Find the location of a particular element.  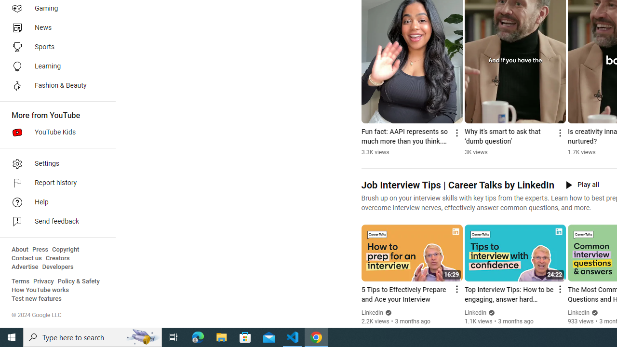

'Developers' is located at coordinates (57, 267).